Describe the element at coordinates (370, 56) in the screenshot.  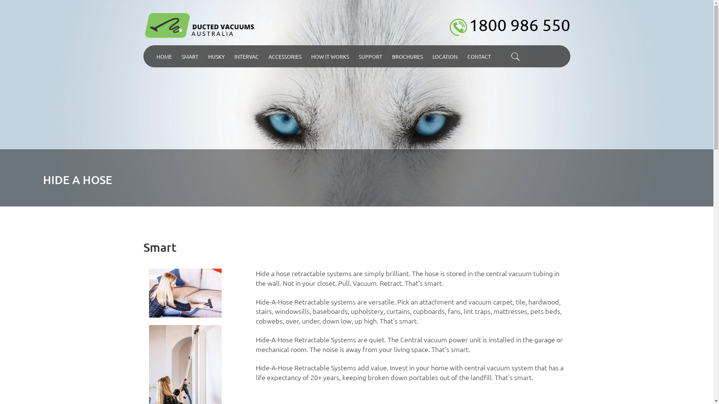
I see `'SUPPORT'` at that location.